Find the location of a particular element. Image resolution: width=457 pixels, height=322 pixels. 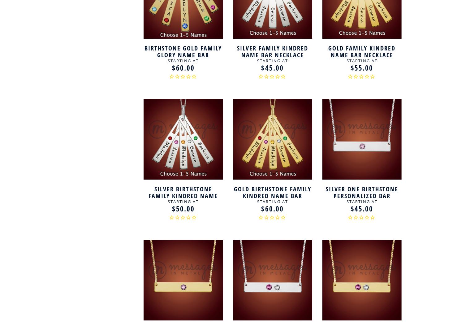

'Gold Family Kindred Name Bar Necklace' is located at coordinates (361, 51).